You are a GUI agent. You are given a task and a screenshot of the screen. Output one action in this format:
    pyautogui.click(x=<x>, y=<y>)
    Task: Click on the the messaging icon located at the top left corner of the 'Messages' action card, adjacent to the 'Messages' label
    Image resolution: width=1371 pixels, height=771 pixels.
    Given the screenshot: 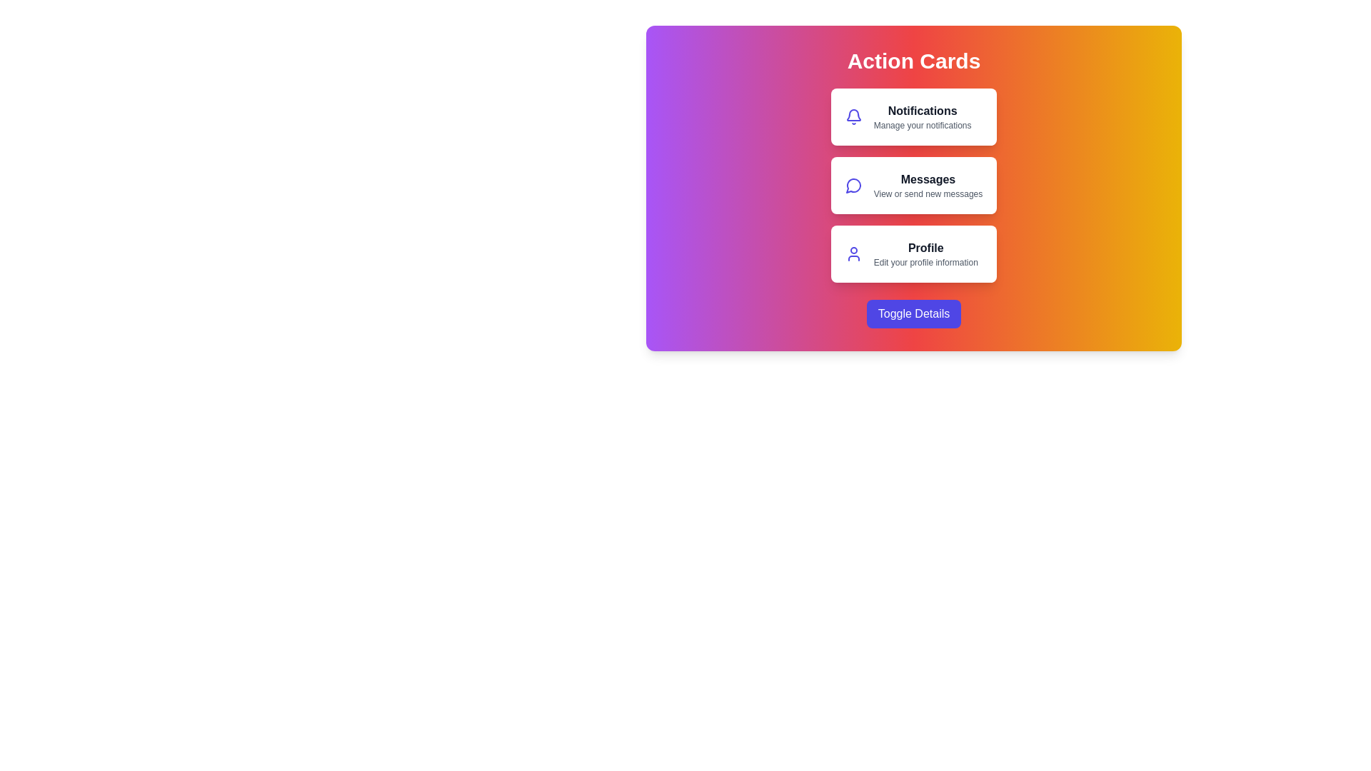 What is the action you would take?
    pyautogui.click(x=853, y=184)
    